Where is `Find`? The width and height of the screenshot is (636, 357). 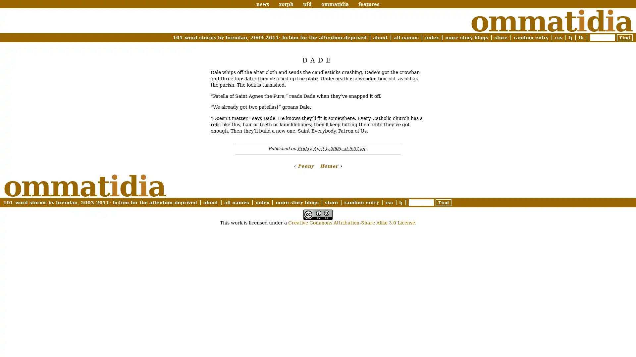
Find is located at coordinates (444, 202).